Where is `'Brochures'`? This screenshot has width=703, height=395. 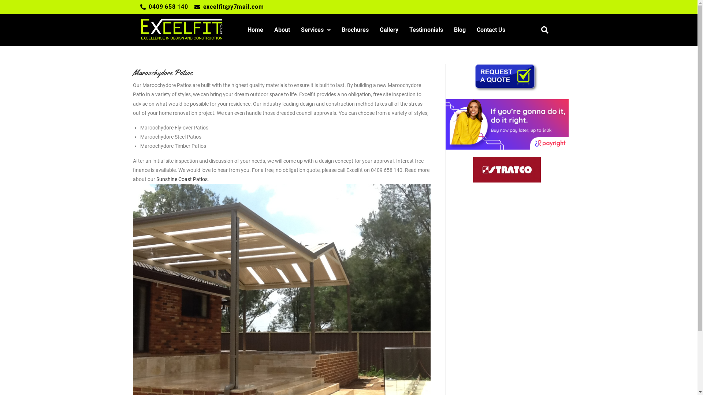 'Brochures' is located at coordinates (355, 29).